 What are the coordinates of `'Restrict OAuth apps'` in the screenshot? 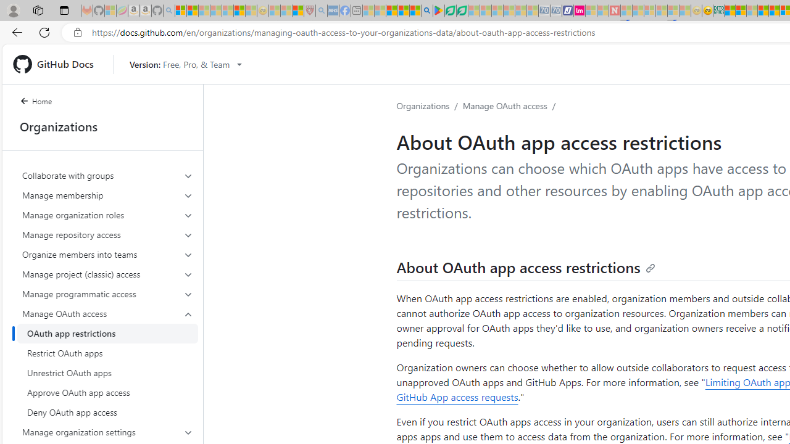 It's located at (107, 353).